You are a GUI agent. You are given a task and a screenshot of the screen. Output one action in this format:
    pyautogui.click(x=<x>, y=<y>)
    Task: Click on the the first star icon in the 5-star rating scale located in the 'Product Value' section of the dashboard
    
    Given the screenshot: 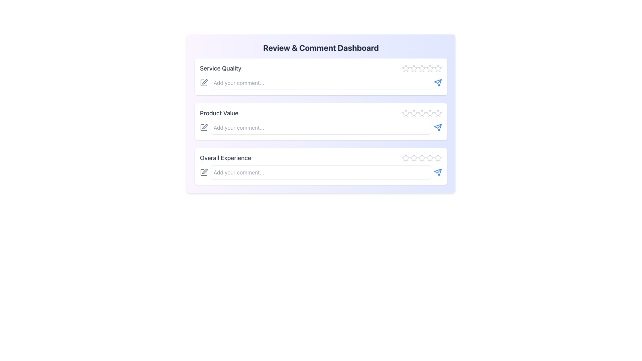 What is the action you would take?
    pyautogui.click(x=405, y=113)
    